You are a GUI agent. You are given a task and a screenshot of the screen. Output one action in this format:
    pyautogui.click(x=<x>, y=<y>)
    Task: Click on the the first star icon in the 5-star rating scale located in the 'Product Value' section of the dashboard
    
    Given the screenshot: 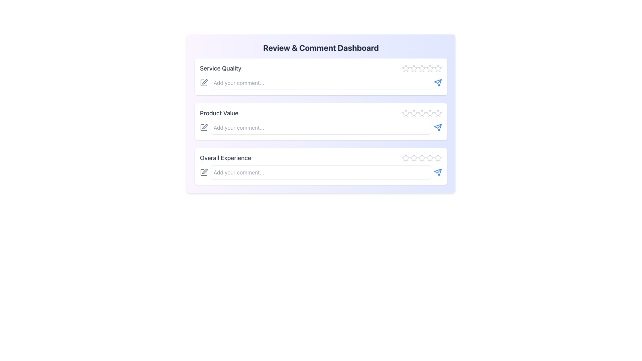 What is the action you would take?
    pyautogui.click(x=405, y=113)
    